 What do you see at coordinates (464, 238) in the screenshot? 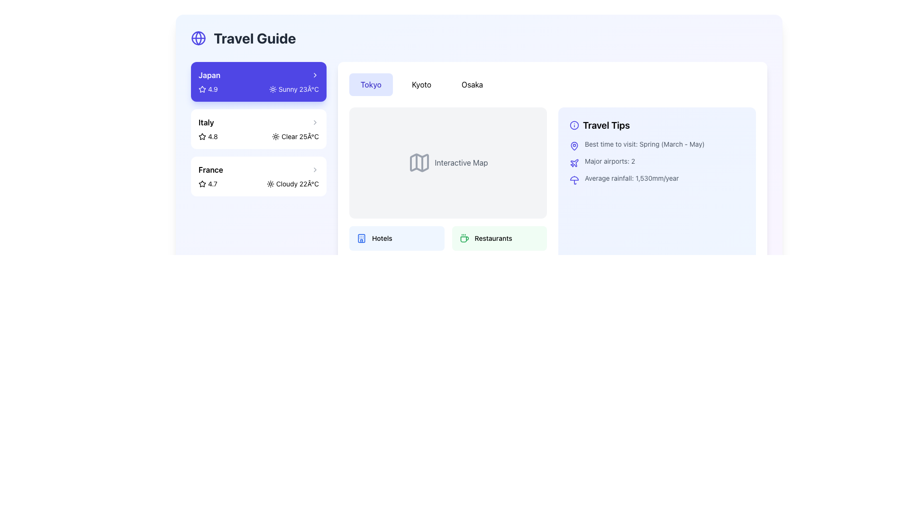
I see `the cafe or restaurant icon located to the left of the 'Restaurants' text within the green-highlighted area in the bottom-right section of the interface` at bounding box center [464, 238].